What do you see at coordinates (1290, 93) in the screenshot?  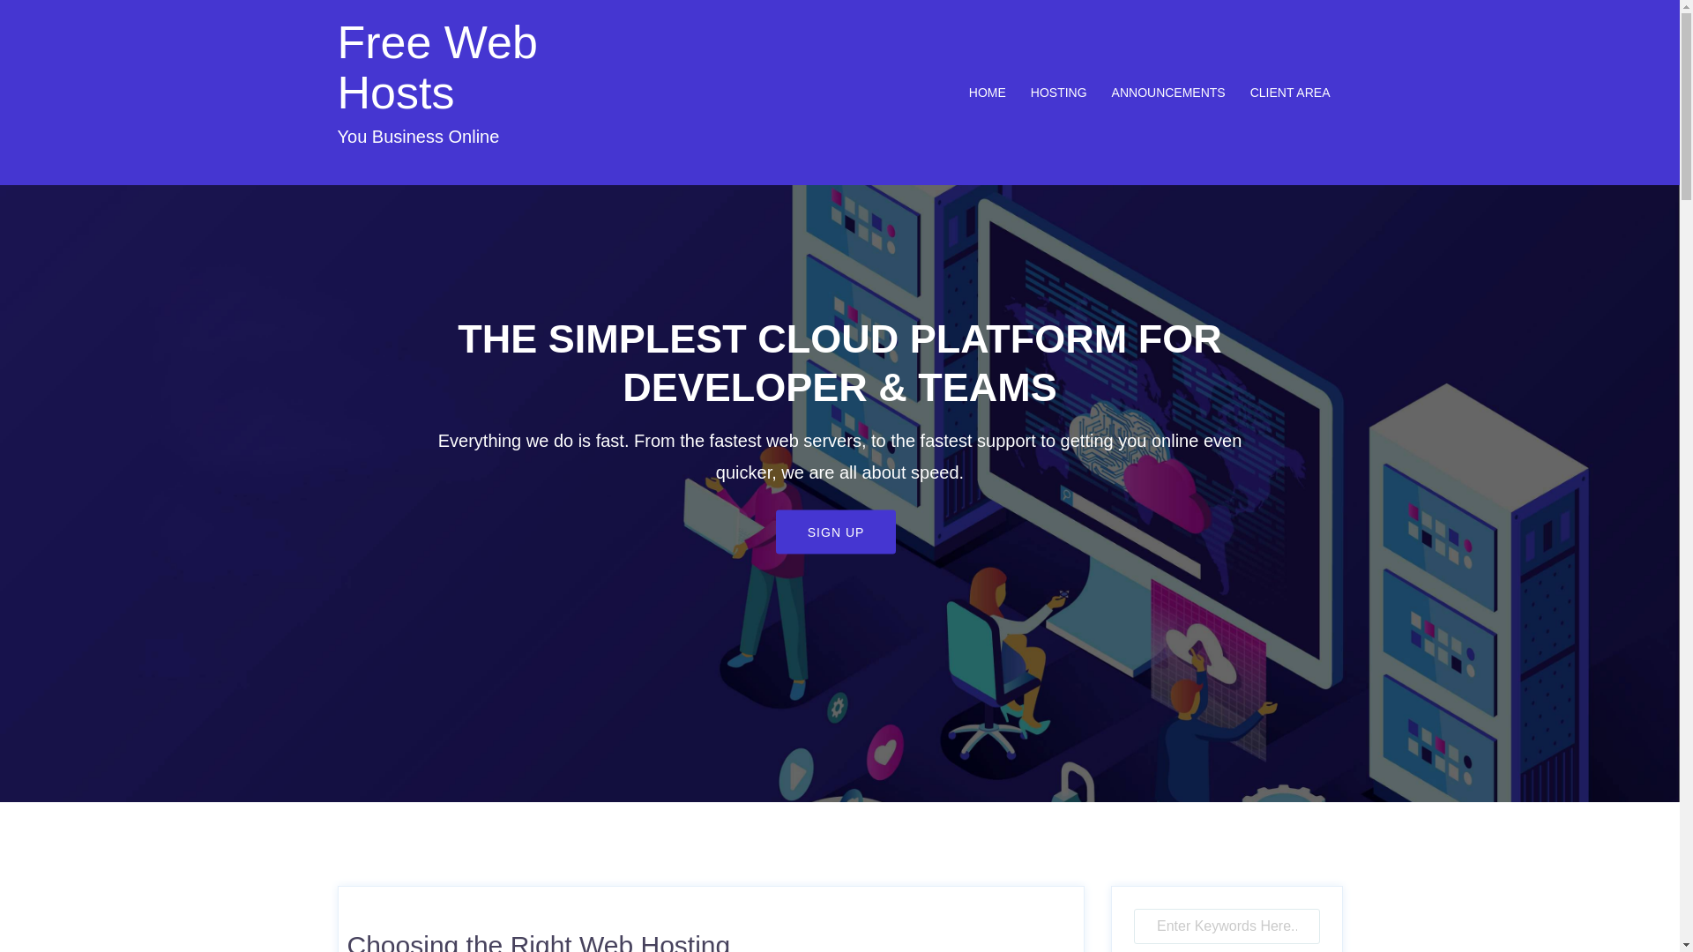 I see `'CLIENT AREA'` at bounding box center [1290, 93].